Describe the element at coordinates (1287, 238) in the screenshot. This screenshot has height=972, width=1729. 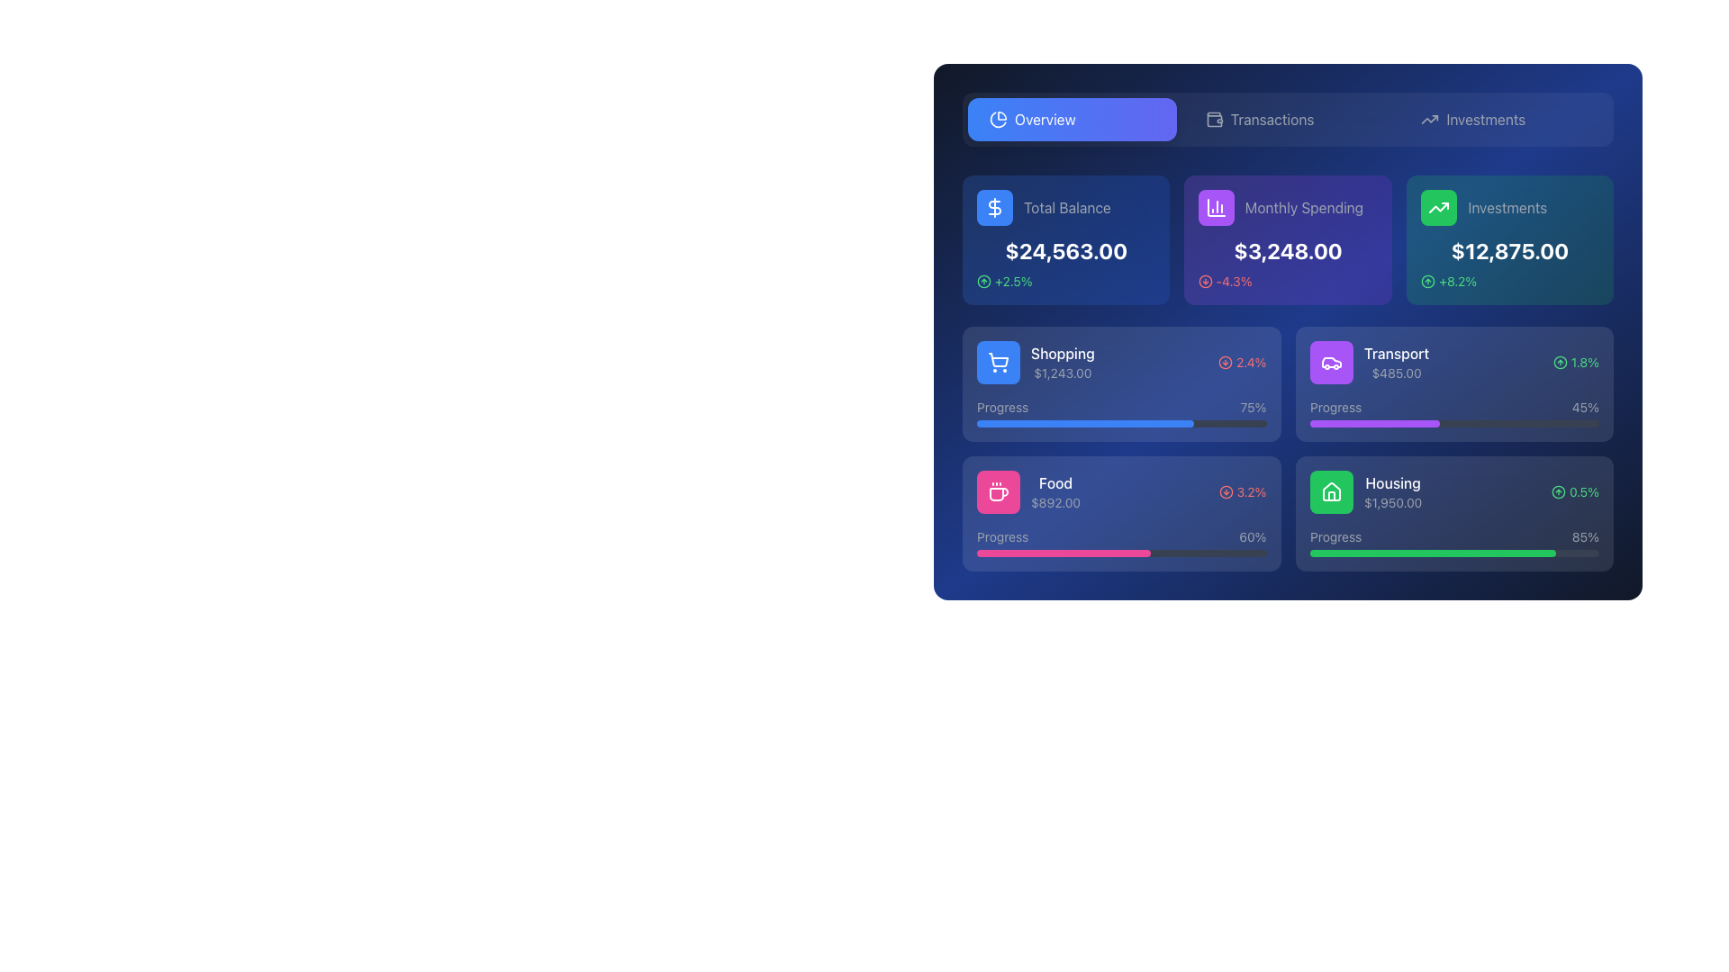
I see `the Informational card that summarizes the user's spending for the current month, located in the second column of the top row, between the 'Total Balance' and 'Investments' panels` at that location.